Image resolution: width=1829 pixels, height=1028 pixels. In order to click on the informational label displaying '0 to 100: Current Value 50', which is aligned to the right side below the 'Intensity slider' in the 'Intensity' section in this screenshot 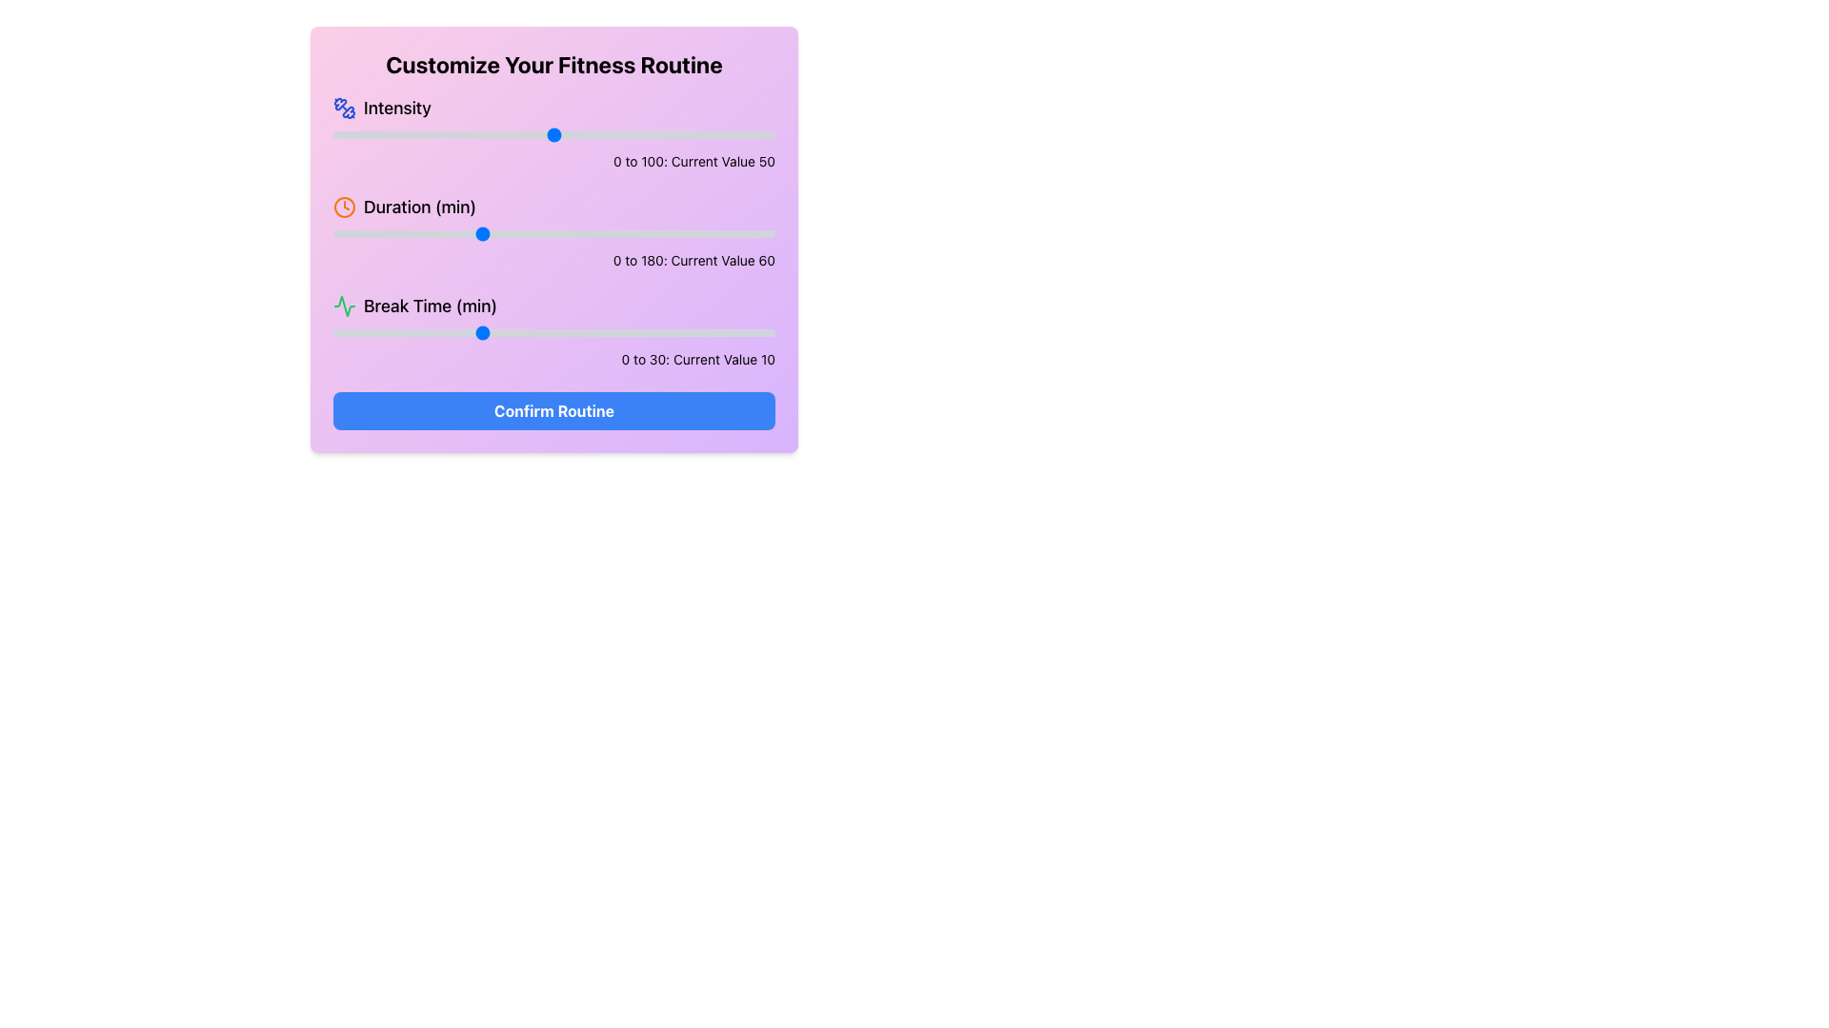, I will do `click(553, 160)`.